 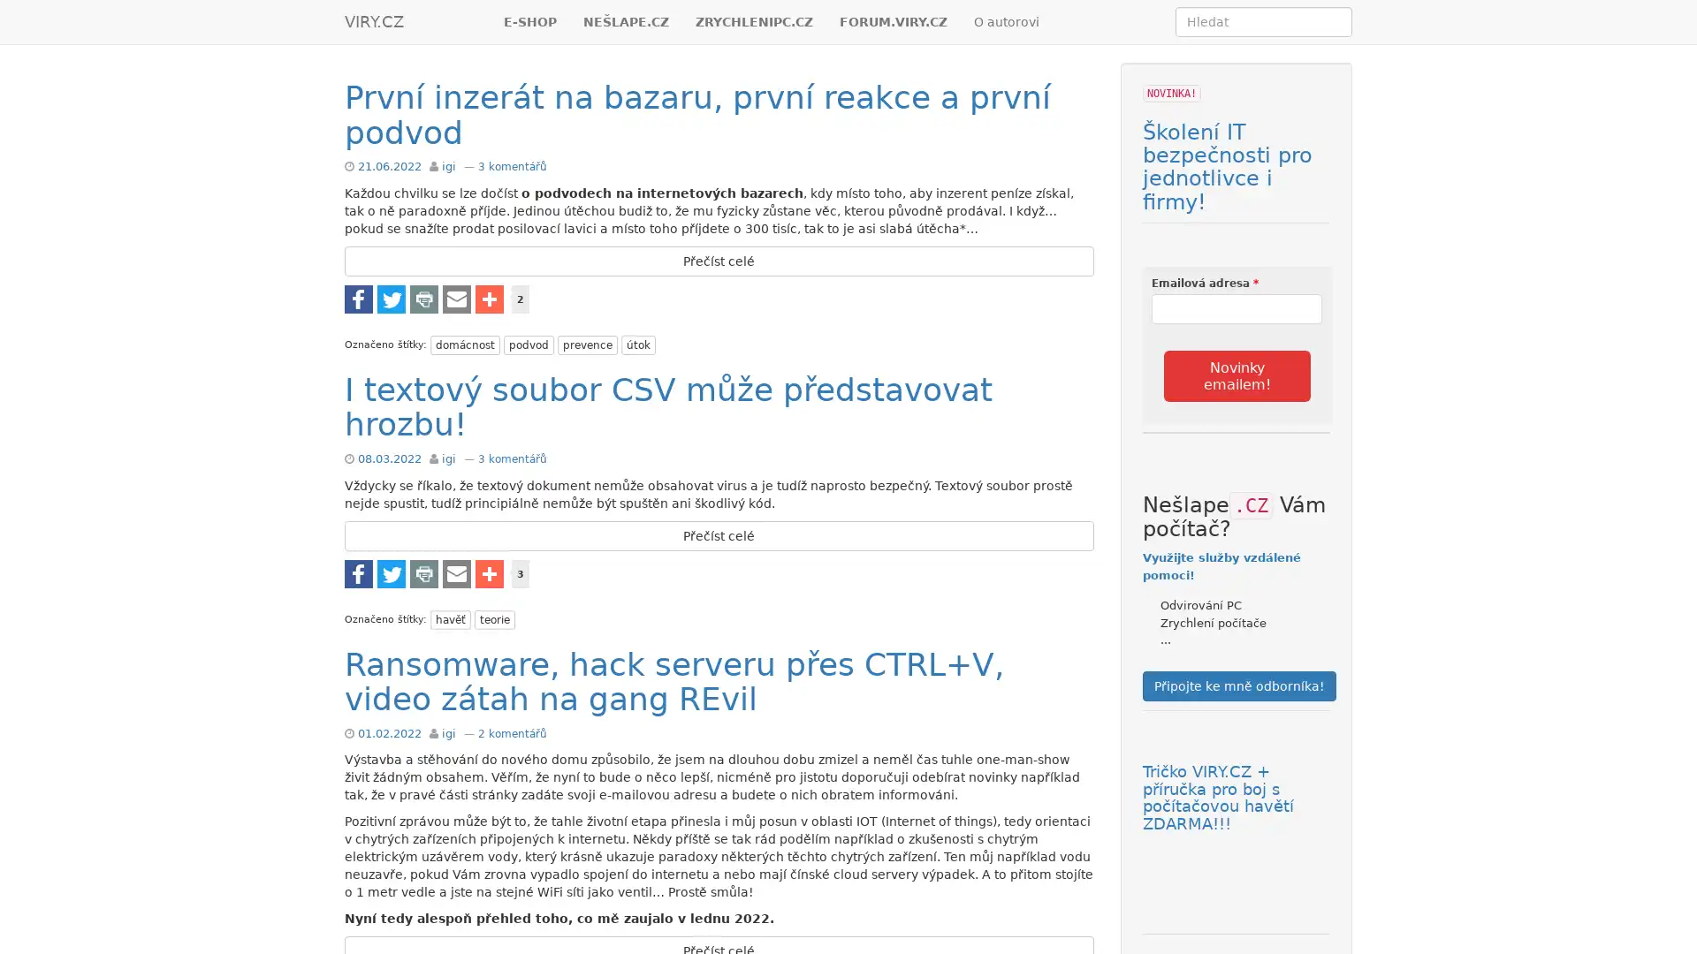 I want to click on Share to E-mail, so click(x=457, y=298).